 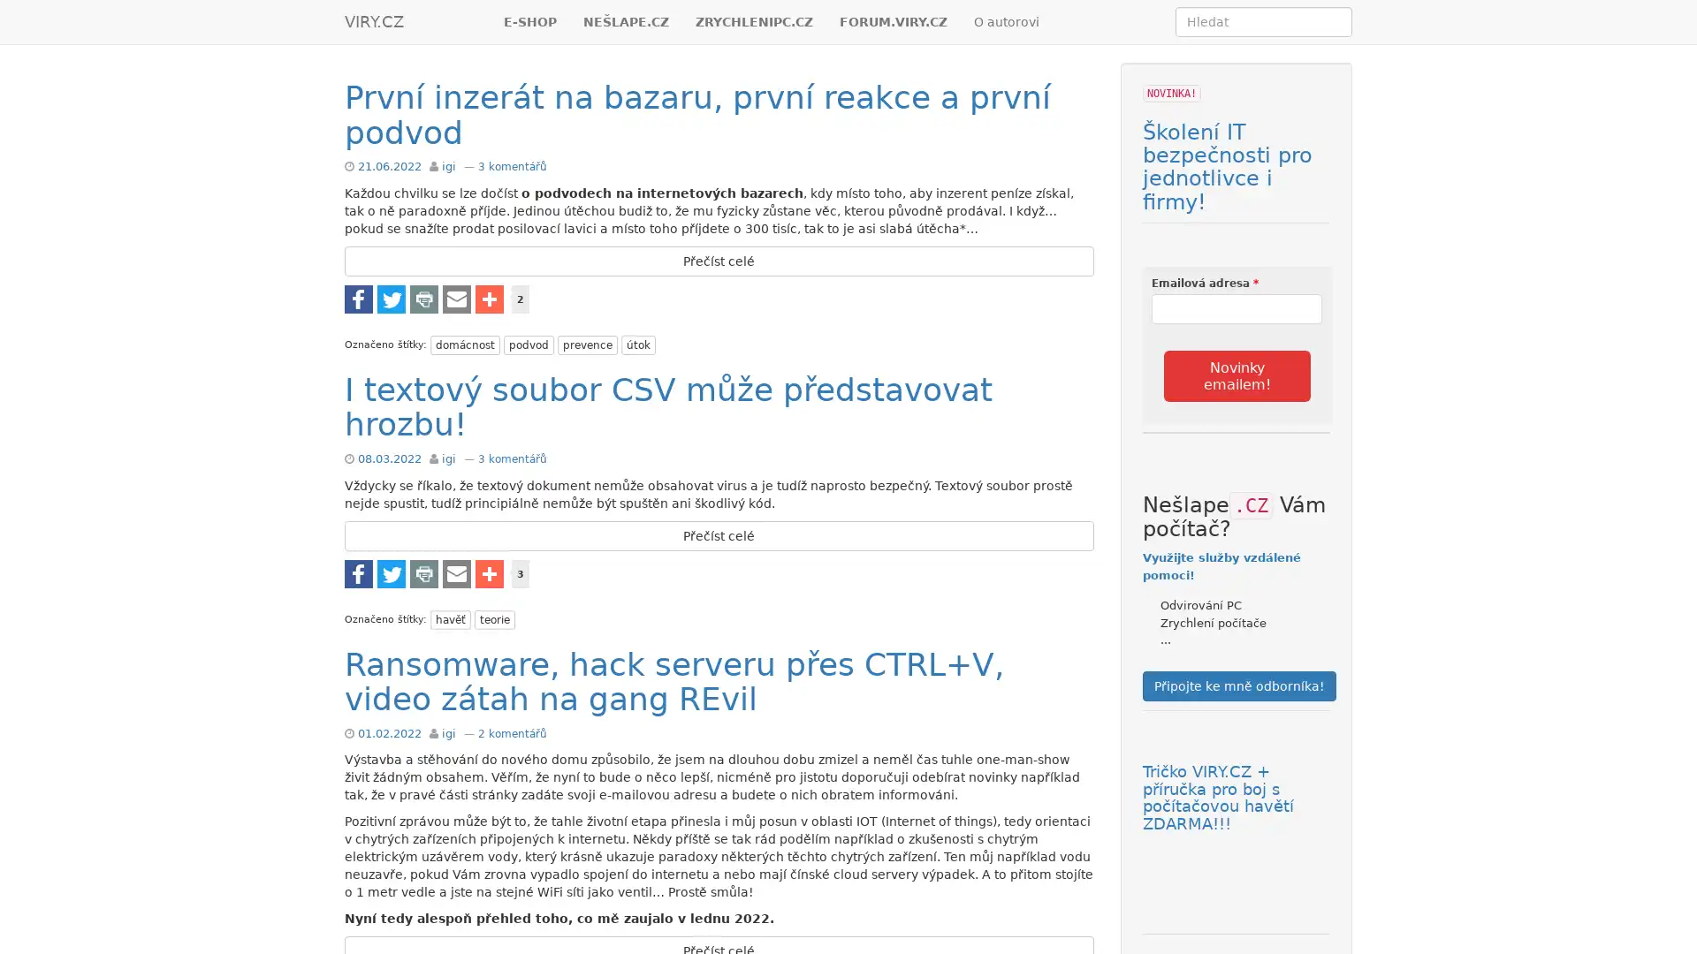 I want to click on Share to E-mail, so click(x=457, y=298).